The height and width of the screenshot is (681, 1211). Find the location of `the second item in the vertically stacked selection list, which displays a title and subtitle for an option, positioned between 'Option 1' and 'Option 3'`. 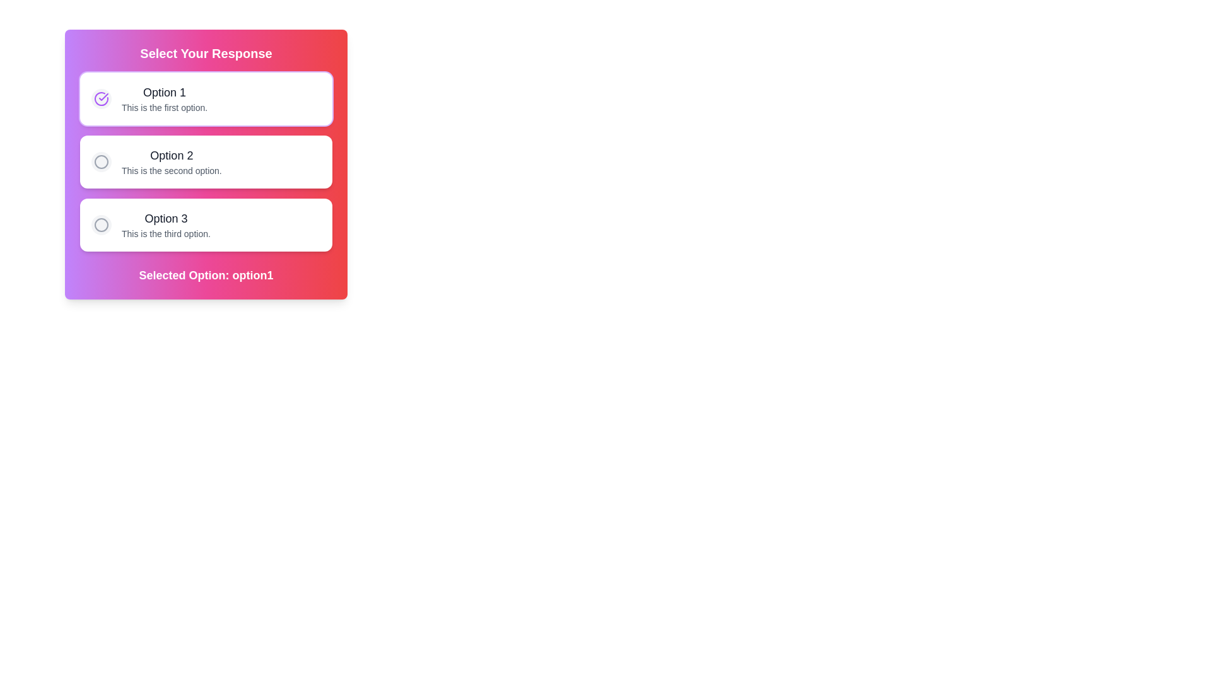

the second item in the vertically stacked selection list, which displays a title and subtitle for an option, positioned between 'Option 1' and 'Option 3' is located at coordinates (171, 161).